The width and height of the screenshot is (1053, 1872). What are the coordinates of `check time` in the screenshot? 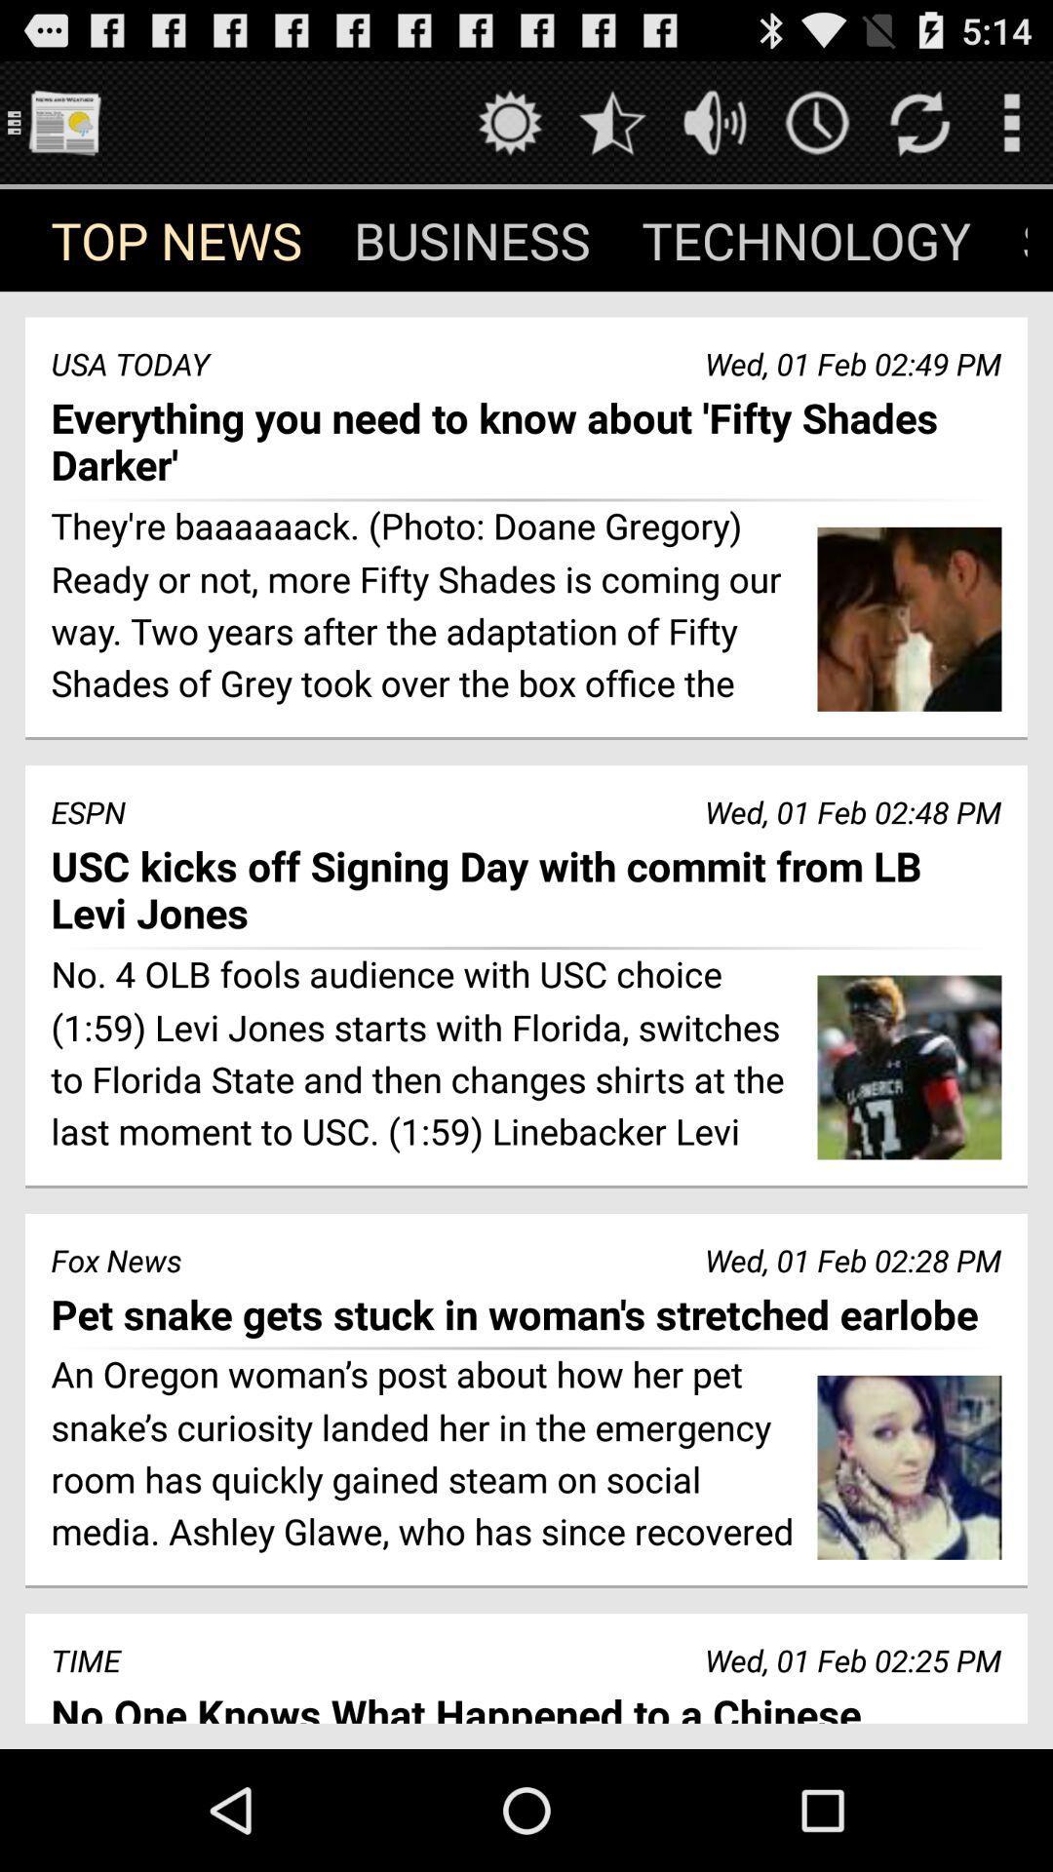 It's located at (817, 121).